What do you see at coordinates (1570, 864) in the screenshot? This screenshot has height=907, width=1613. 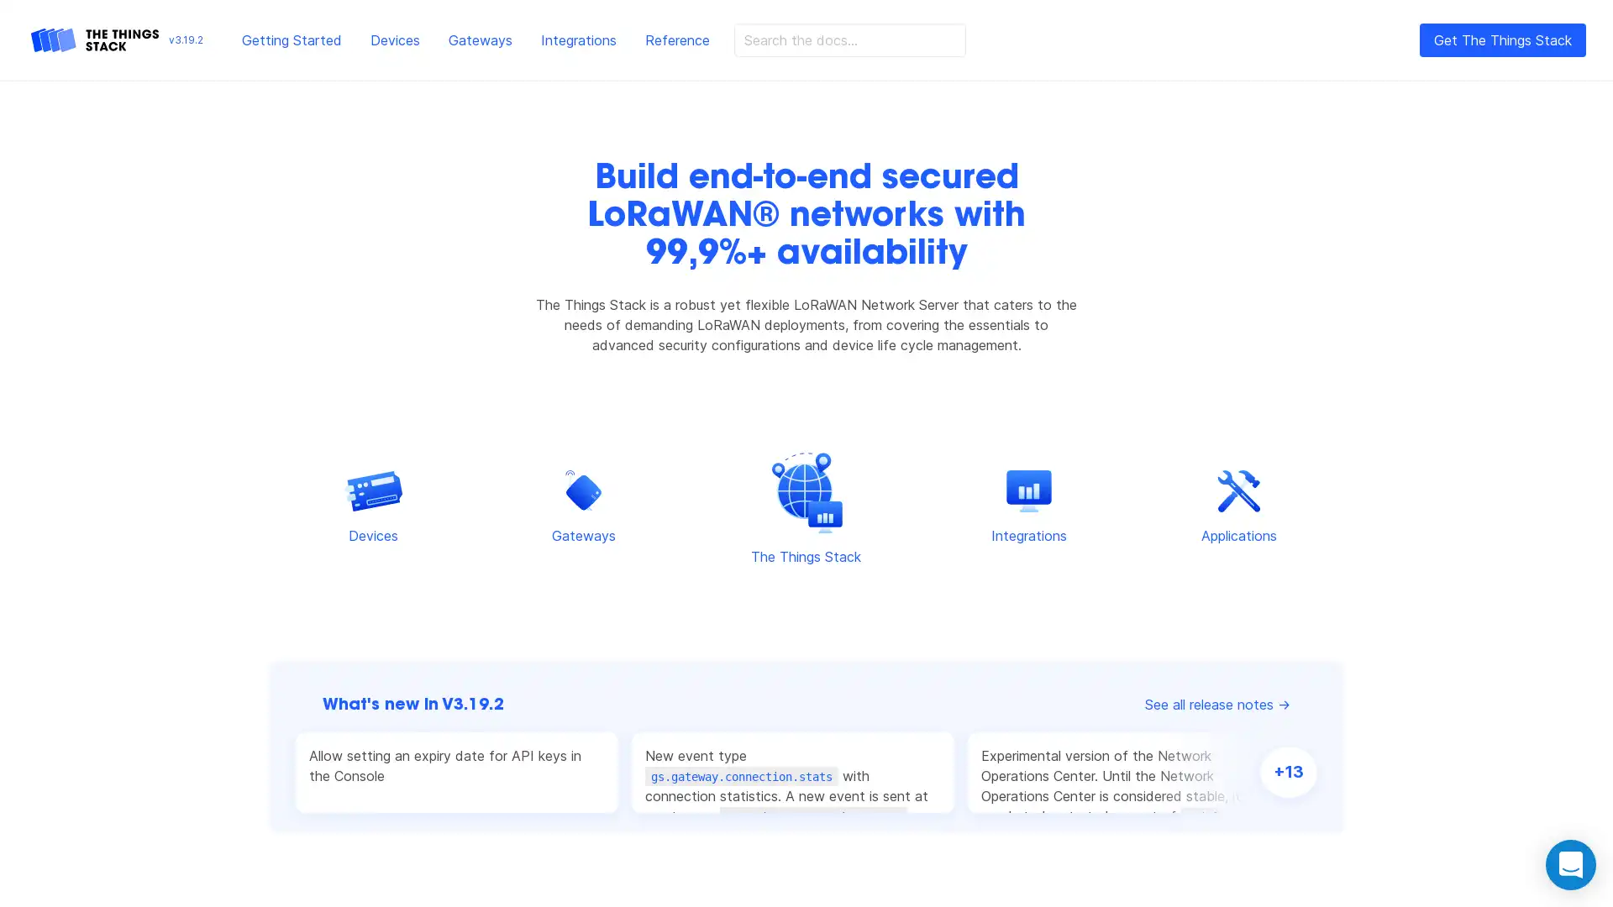 I see `Open Intercom Messenger` at bounding box center [1570, 864].